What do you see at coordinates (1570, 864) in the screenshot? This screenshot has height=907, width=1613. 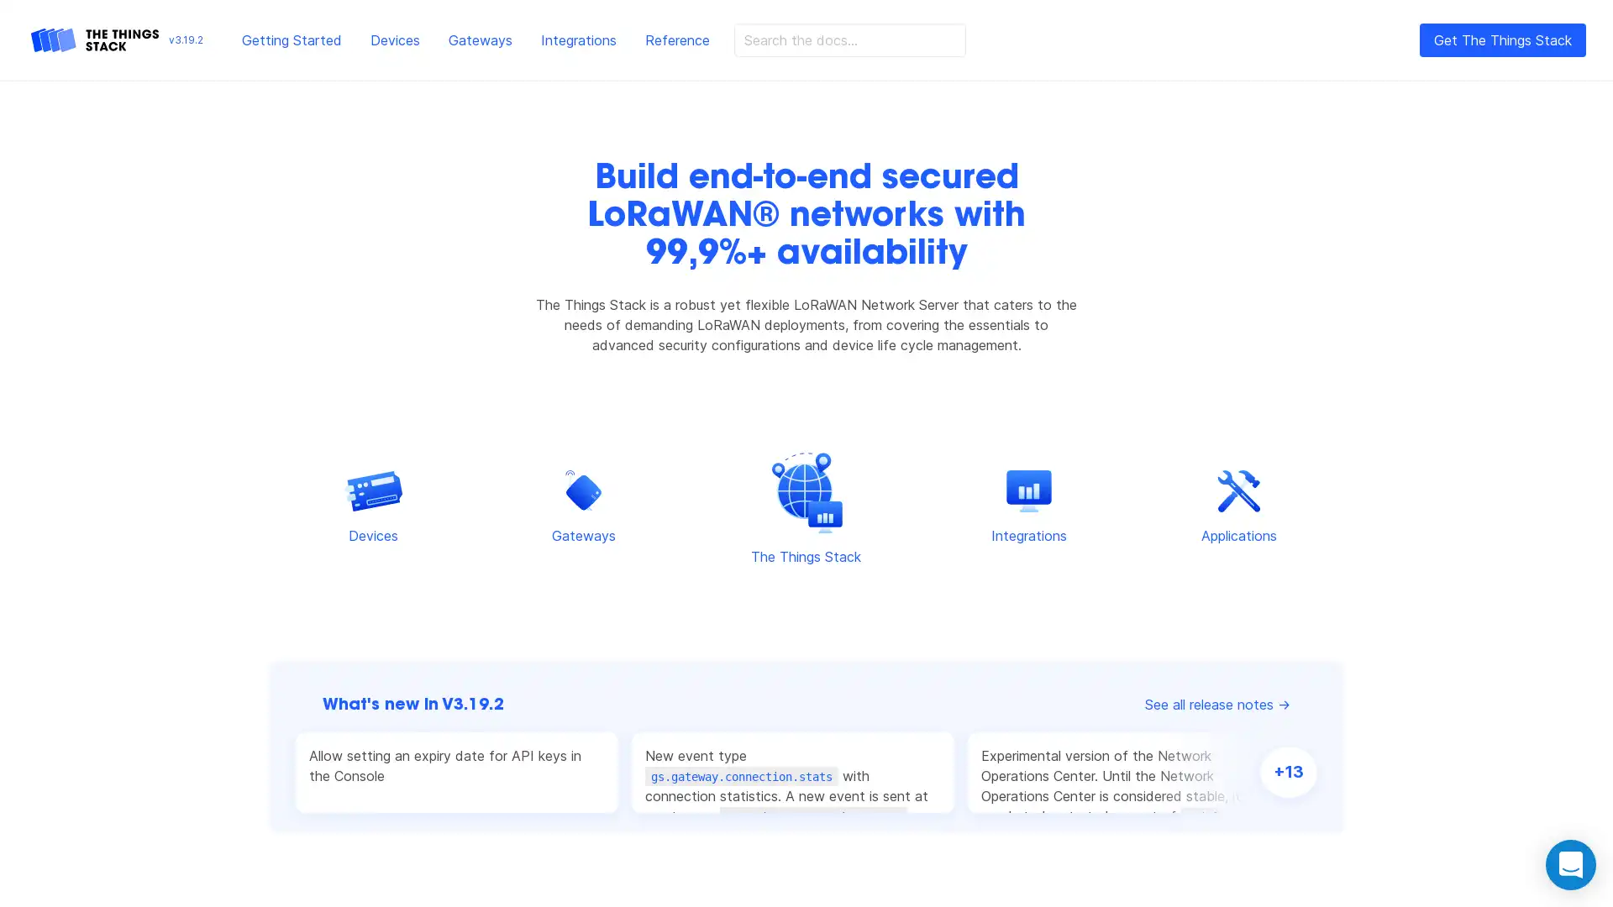 I see `Open Intercom Messenger` at bounding box center [1570, 864].